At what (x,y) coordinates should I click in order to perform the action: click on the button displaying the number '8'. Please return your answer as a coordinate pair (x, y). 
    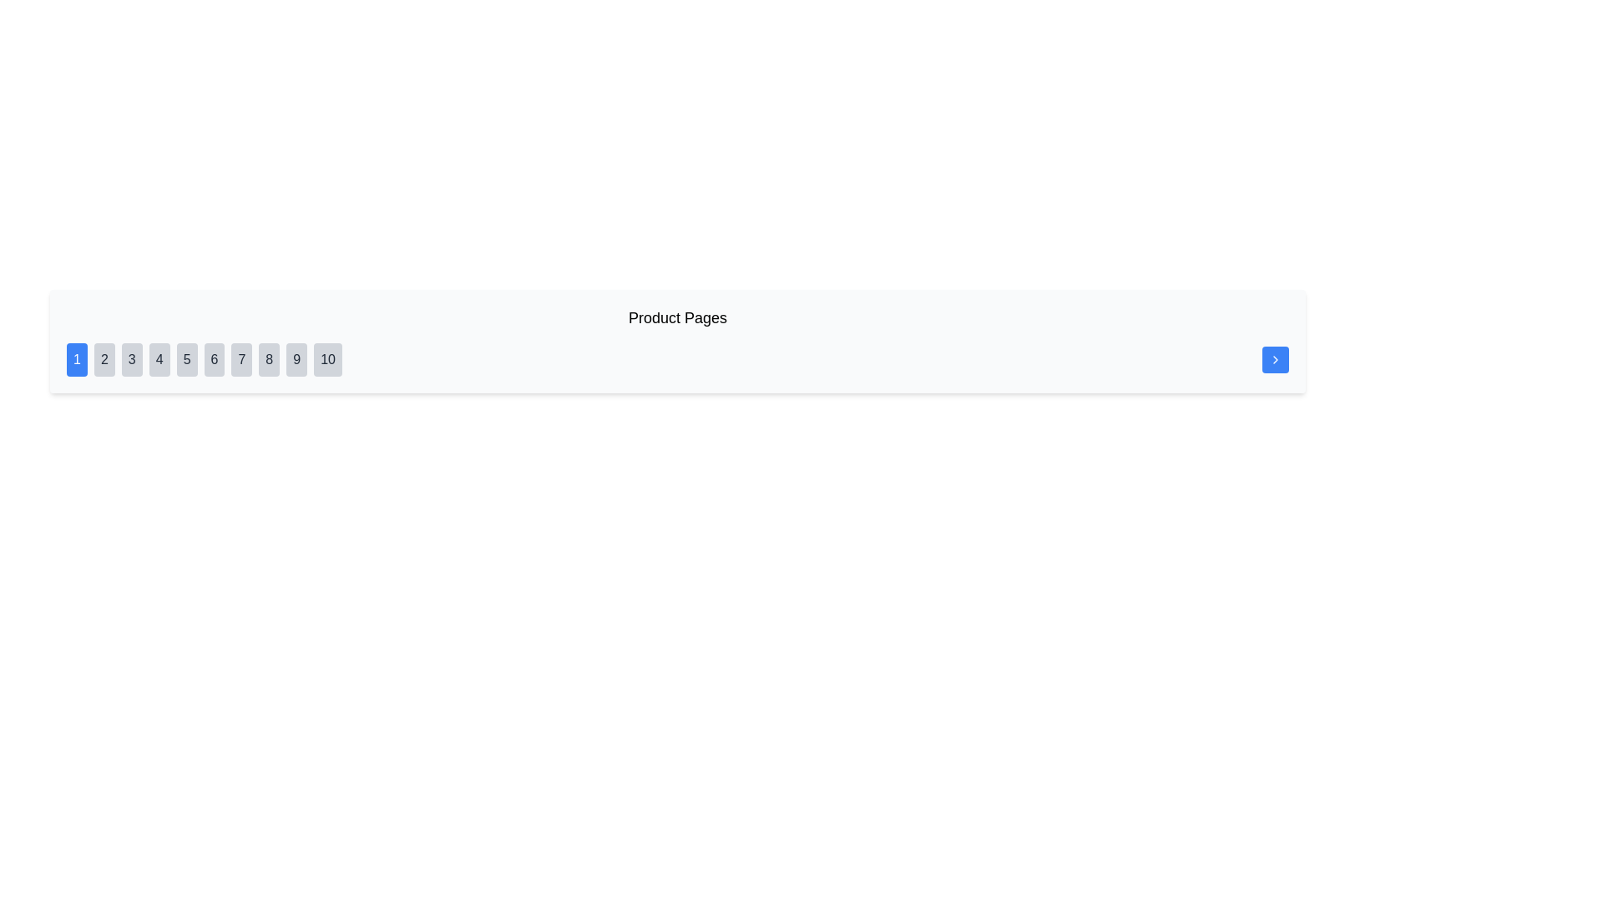
    Looking at the image, I should click on (269, 359).